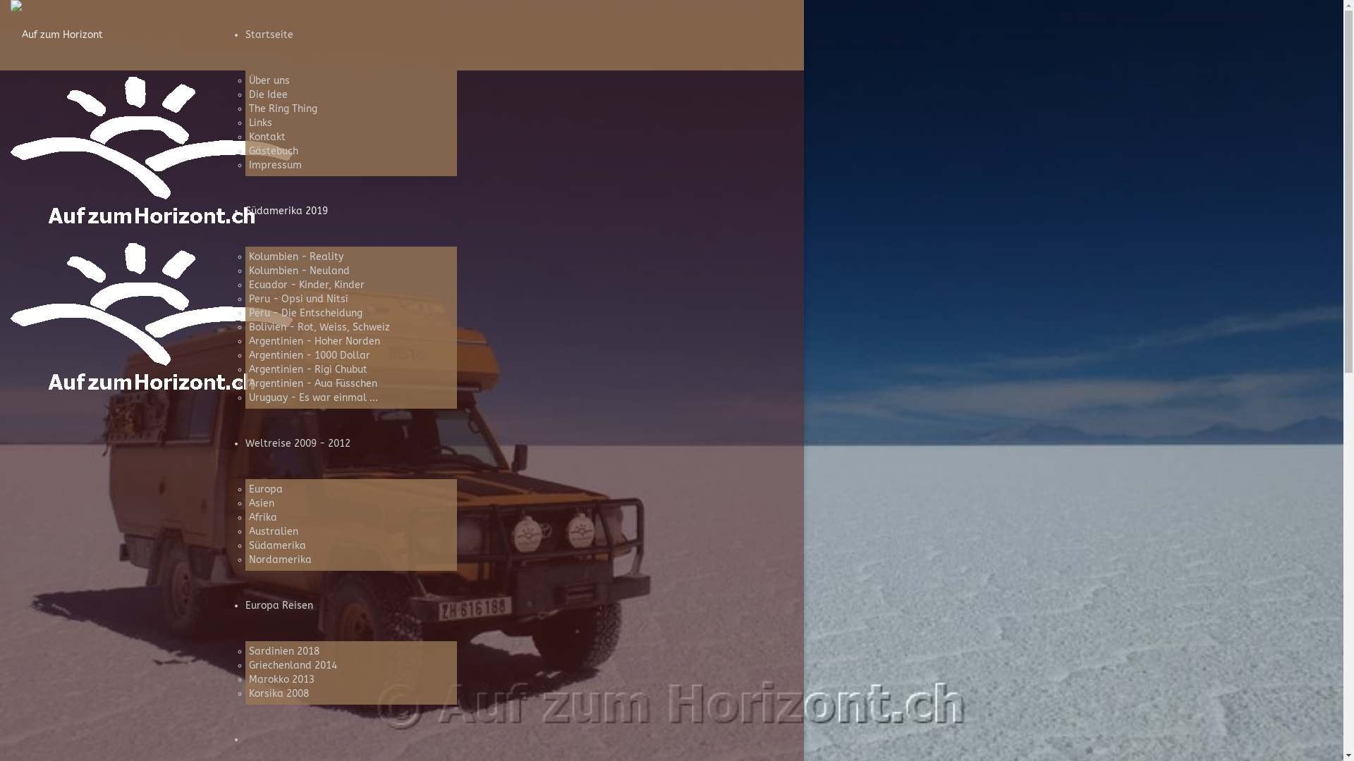 The width and height of the screenshot is (1354, 761). What do you see at coordinates (267, 94) in the screenshot?
I see `'Die Idee'` at bounding box center [267, 94].